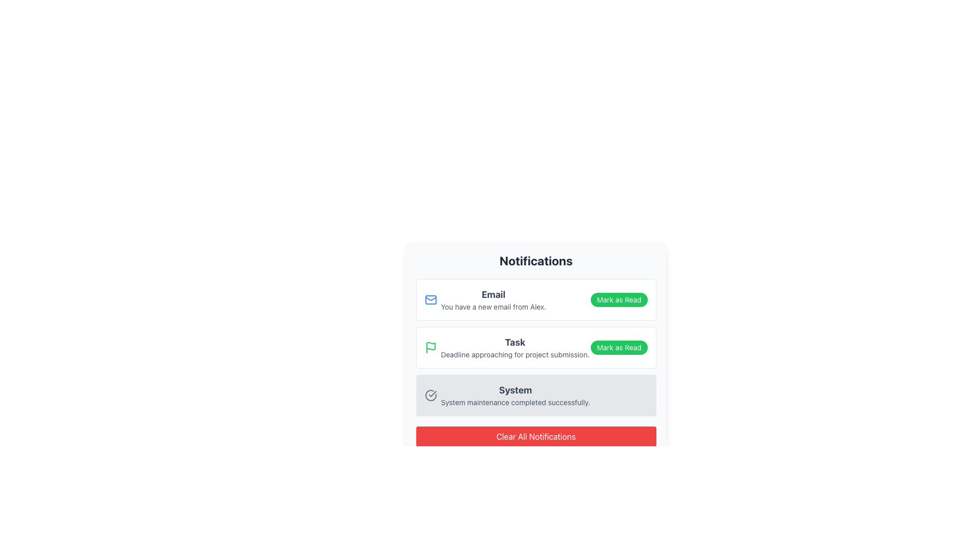 This screenshot has height=549, width=977. I want to click on the text of the second notification item that alerts the user about an imminent project deadline, so click(507, 347).